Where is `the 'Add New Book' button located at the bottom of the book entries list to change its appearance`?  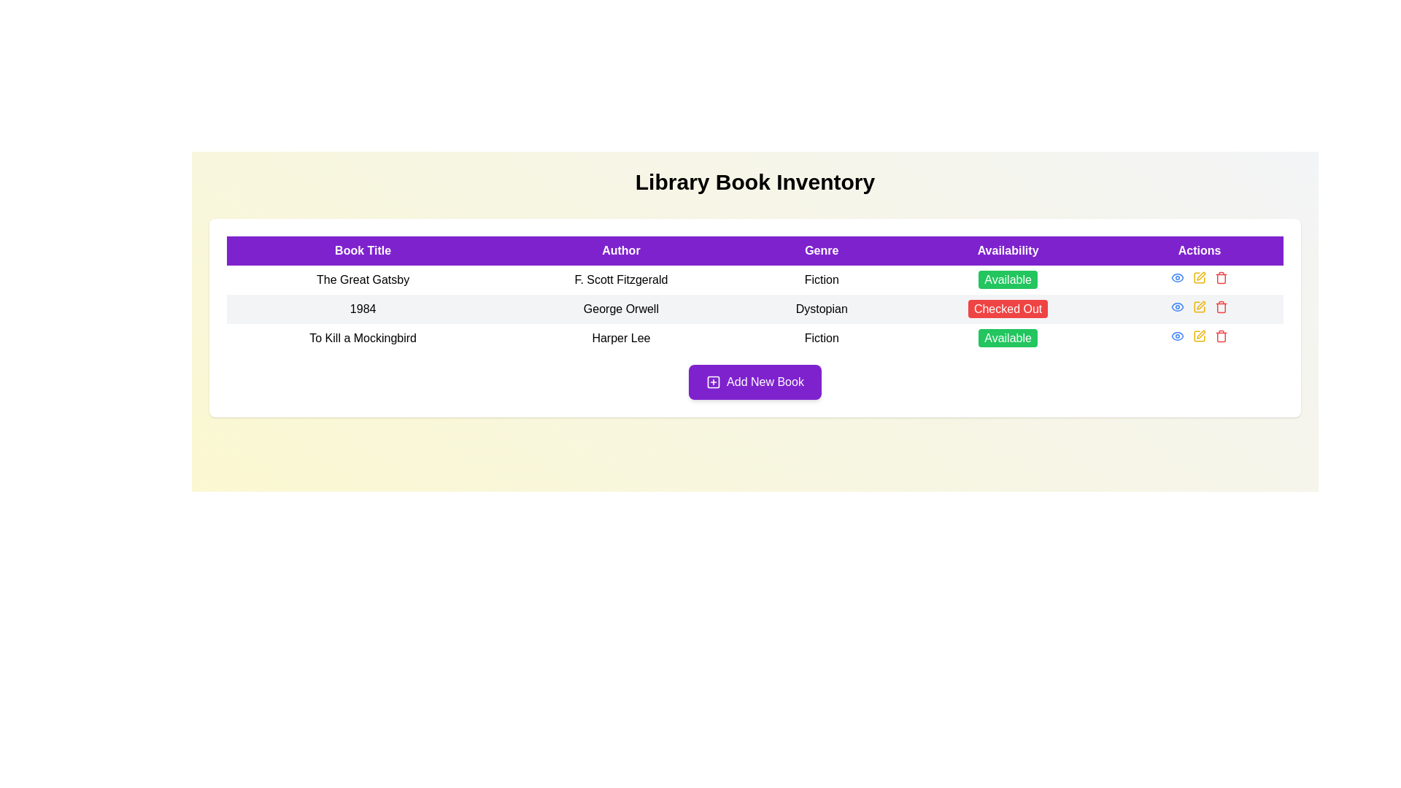 the 'Add New Book' button located at the bottom of the book entries list to change its appearance is located at coordinates (755, 382).